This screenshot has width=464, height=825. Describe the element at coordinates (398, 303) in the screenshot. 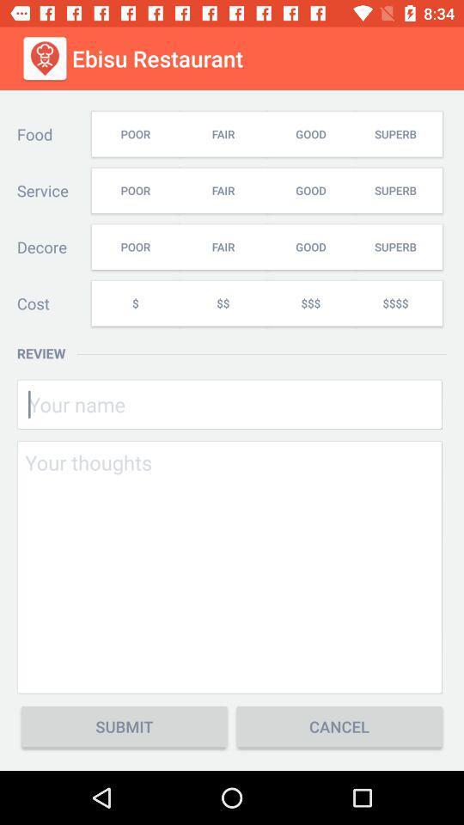

I see `icon to the right of the $$$ icon` at that location.